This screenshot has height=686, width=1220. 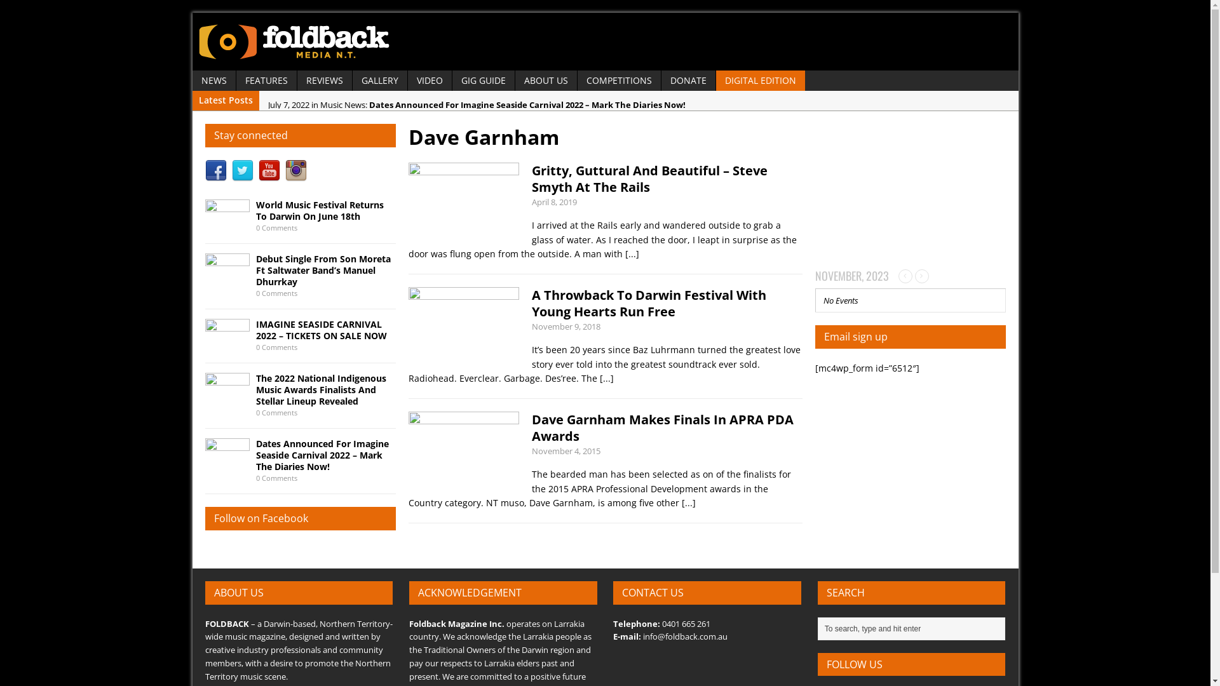 I want to click on 'NEWS', so click(x=191, y=81).